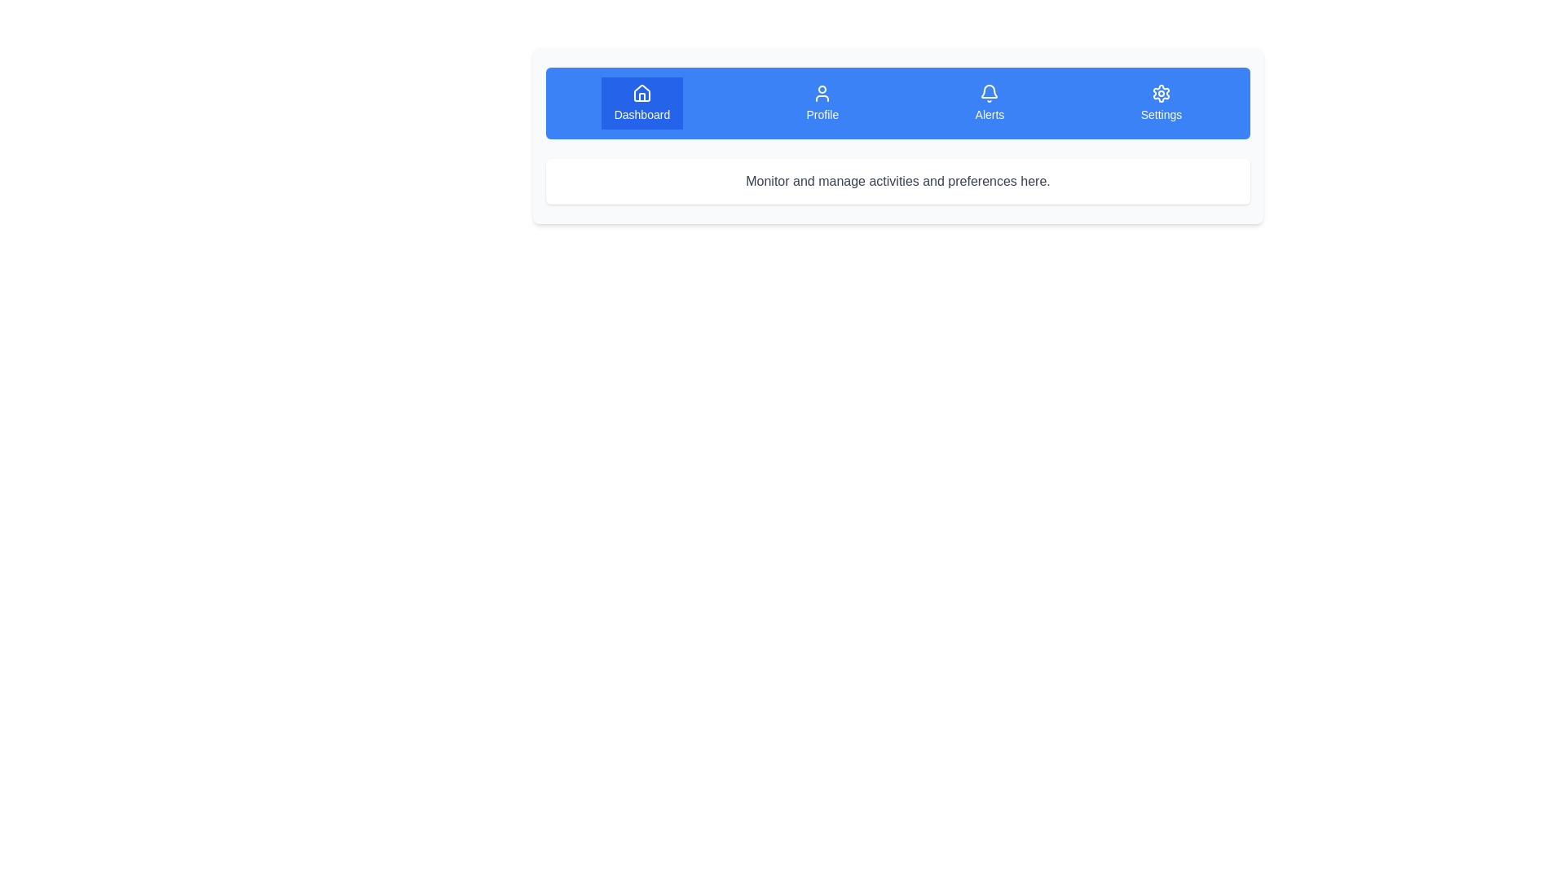 The height and width of the screenshot is (880, 1565). Describe the element at coordinates (989, 94) in the screenshot. I see `the bell icon representing notifications located in the top-menu navigation bar under the 'Alerts' section` at that location.